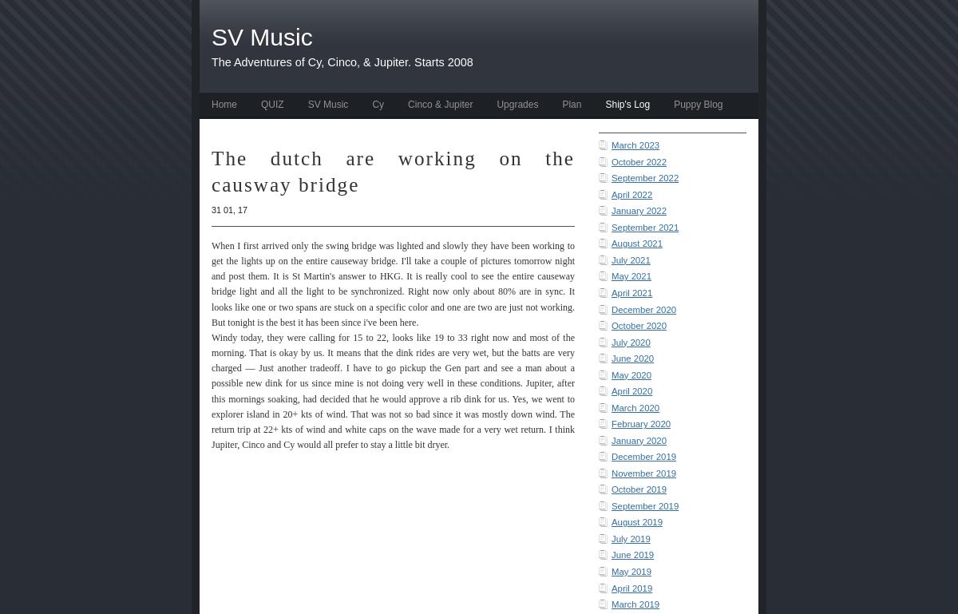 This screenshot has width=958, height=614. Describe the element at coordinates (638, 326) in the screenshot. I see `'October 2020'` at that location.